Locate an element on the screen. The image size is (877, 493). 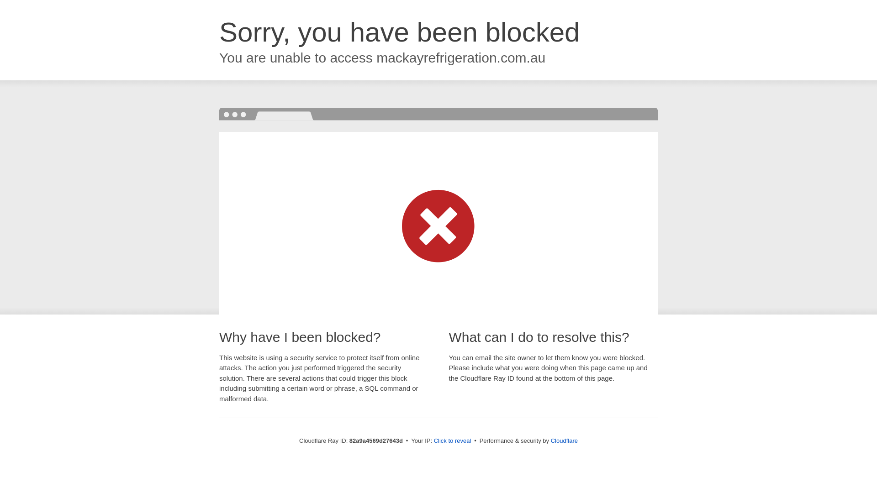
'Click to reveal' is located at coordinates (452, 440).